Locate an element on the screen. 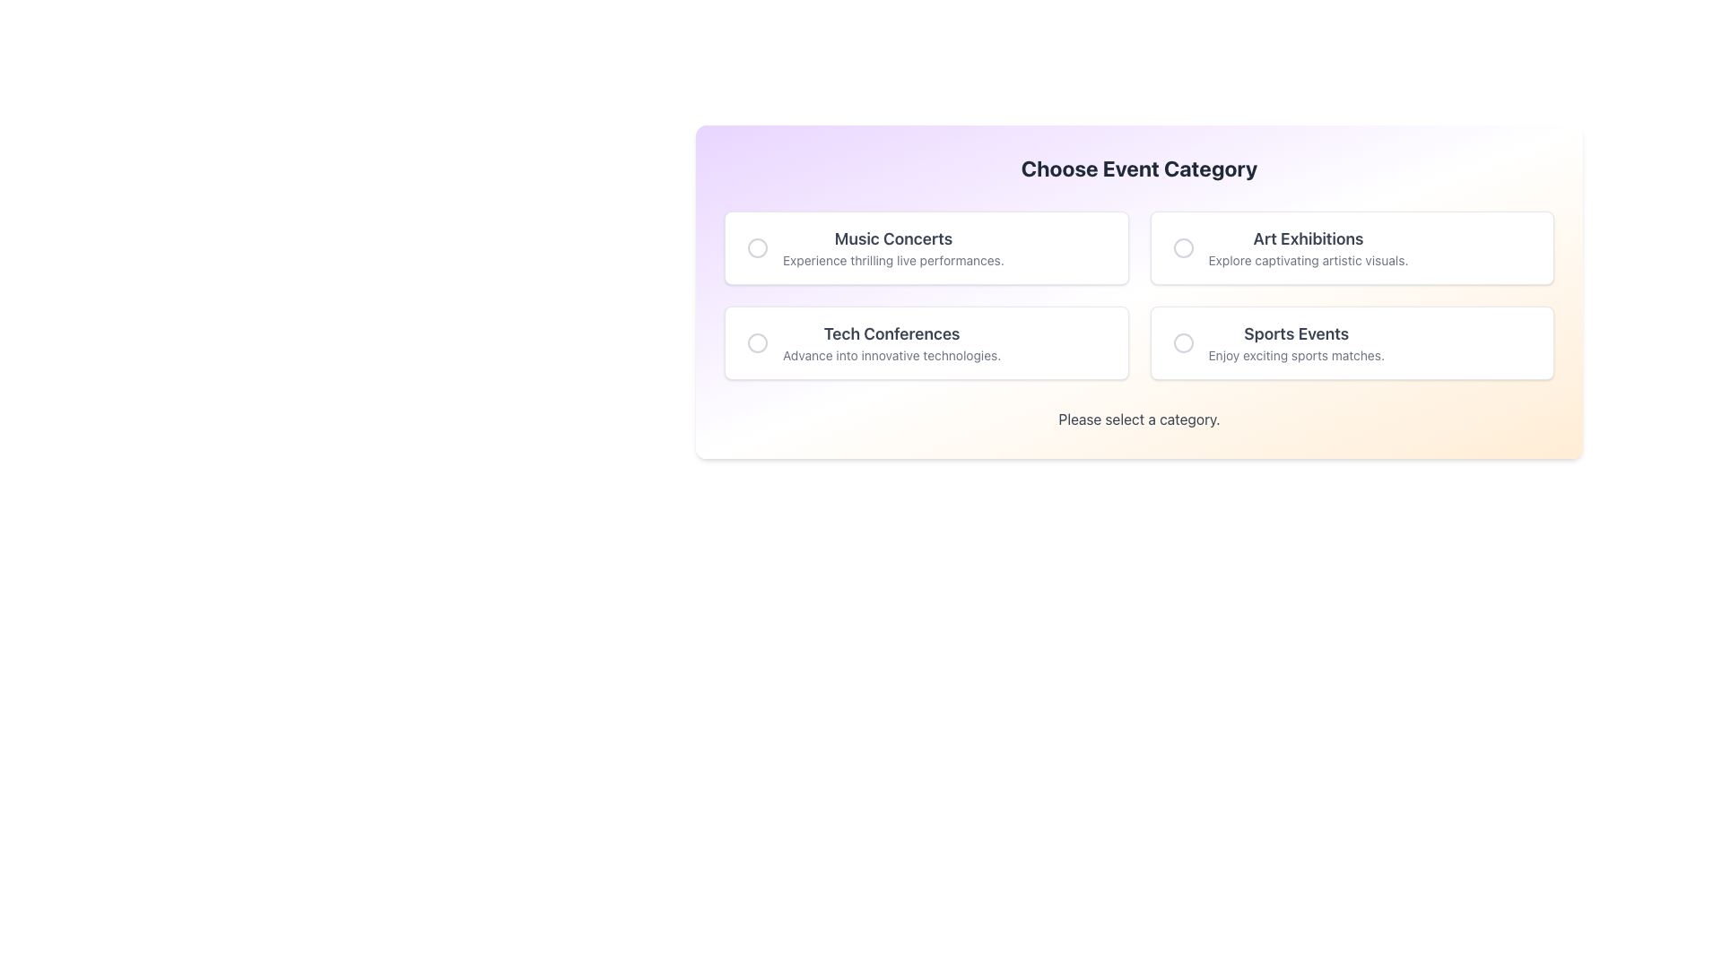 The width and height of the screenshot is (1722, 968). text label displaying the phrase 'Experience thrilling live performances.' located below the title 'Music Concerts' in the top-left card of the event category grid is located at coordinates (893, 260).